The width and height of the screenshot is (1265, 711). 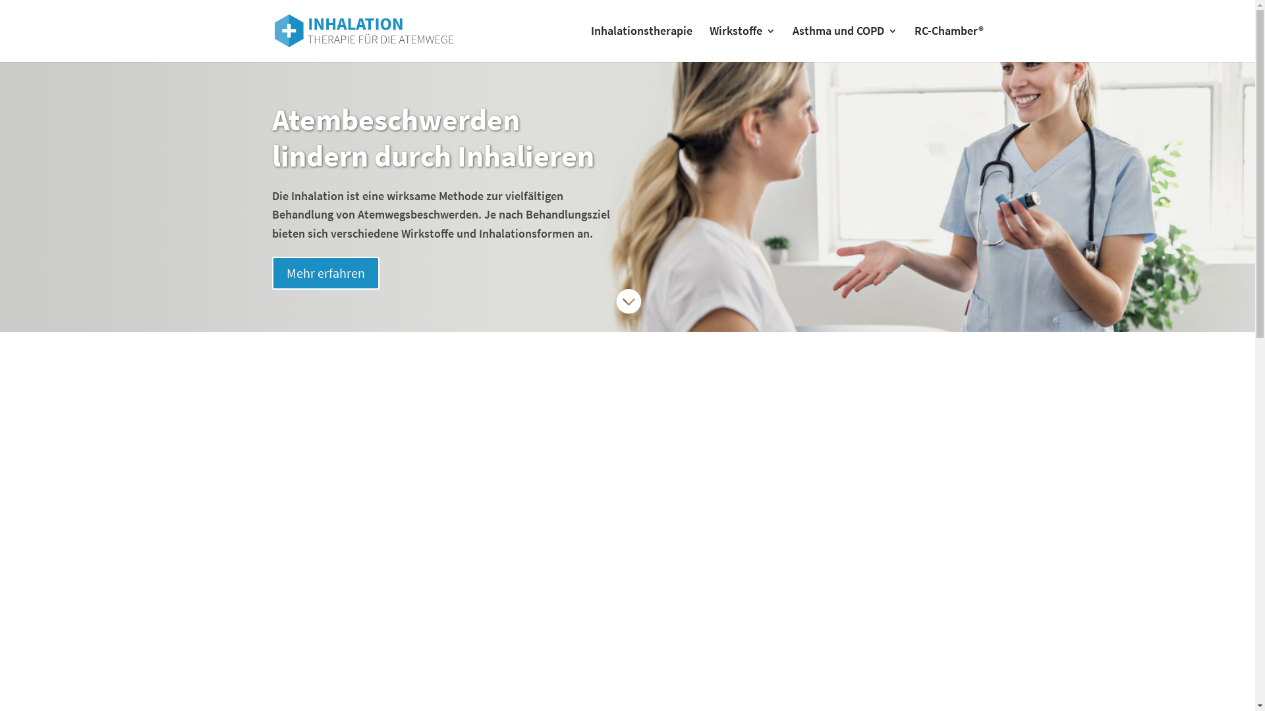 What do you see at coordinates (325, 273) in the screenshot?
I see `'Mehr erfahren'` at bounding box center [325, 273].